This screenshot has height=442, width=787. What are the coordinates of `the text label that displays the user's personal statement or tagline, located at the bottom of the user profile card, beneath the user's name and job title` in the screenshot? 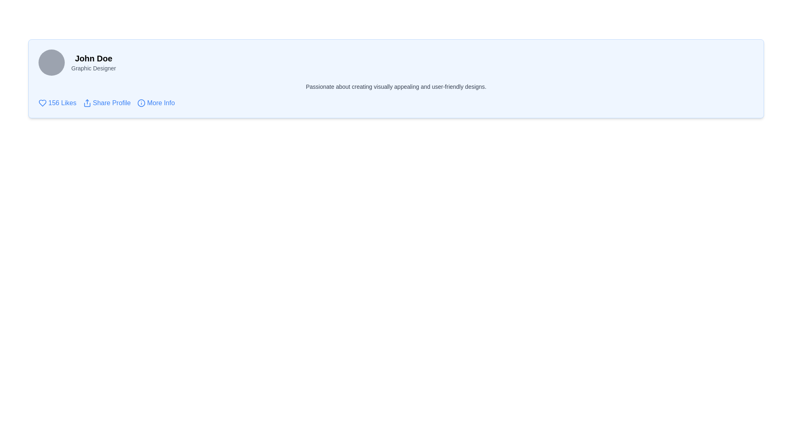 It's located at (396, 87).